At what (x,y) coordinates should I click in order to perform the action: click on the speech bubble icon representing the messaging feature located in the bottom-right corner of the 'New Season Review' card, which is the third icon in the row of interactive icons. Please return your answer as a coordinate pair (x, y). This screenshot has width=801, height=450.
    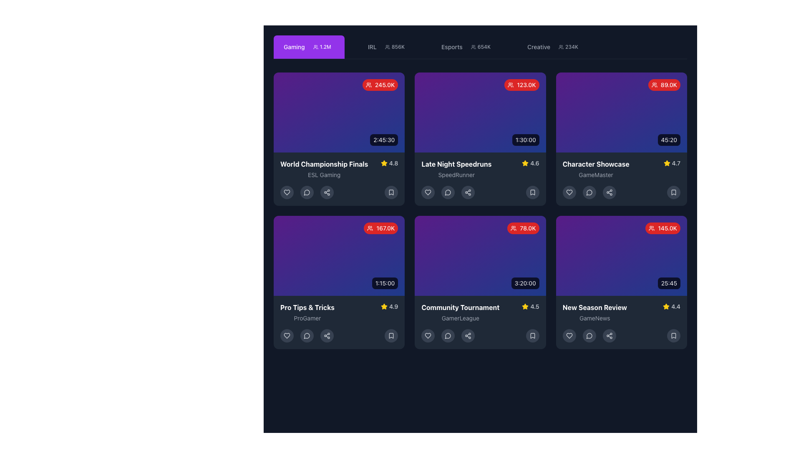
    Looking at the image, I should click on (589, 335).